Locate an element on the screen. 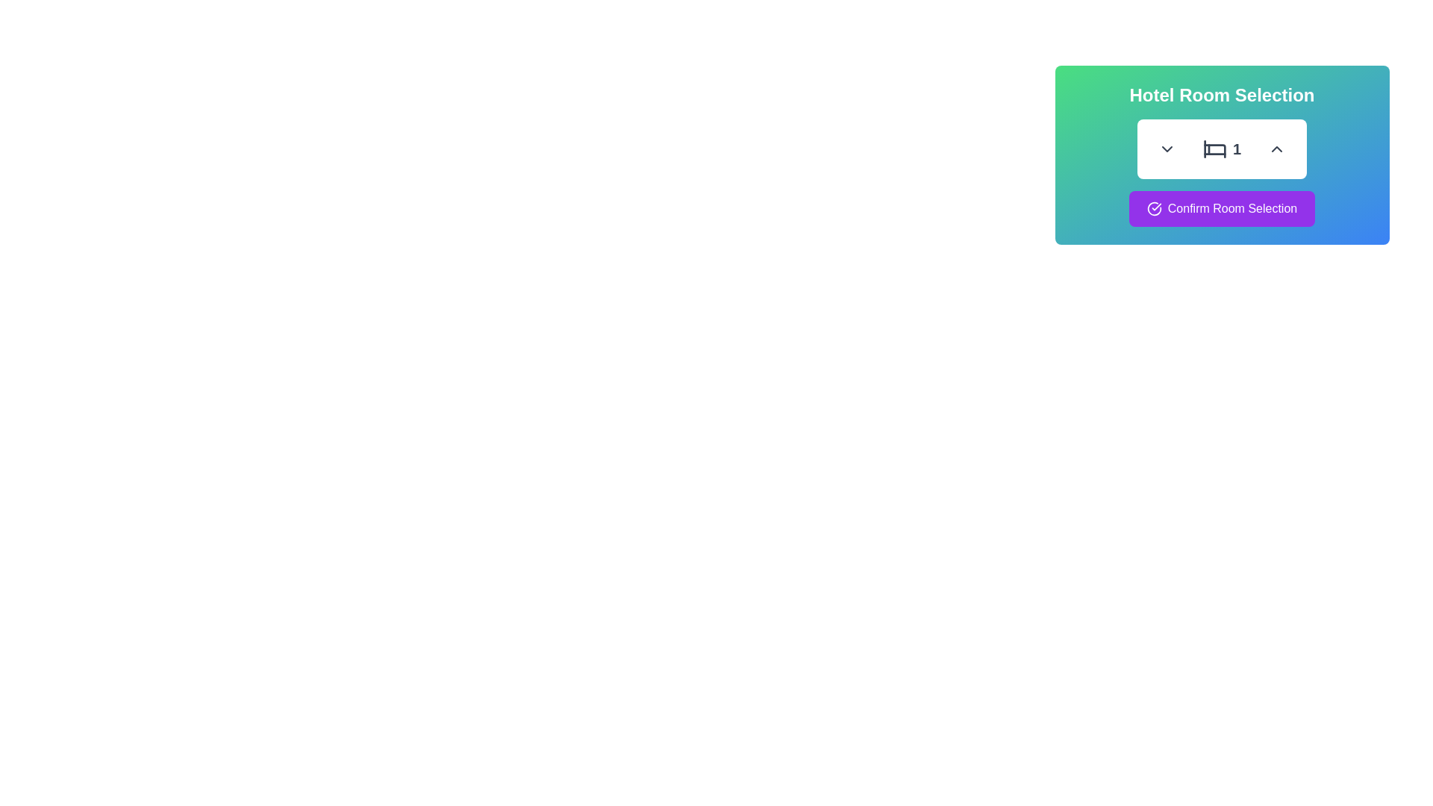 Image resolution: width=1433 pixels, height=806 pixels. the graphical icon component resembling a bed frame, which is located near the center of the interface within the hotel room selection panel is located at coordinates (1214, 151).